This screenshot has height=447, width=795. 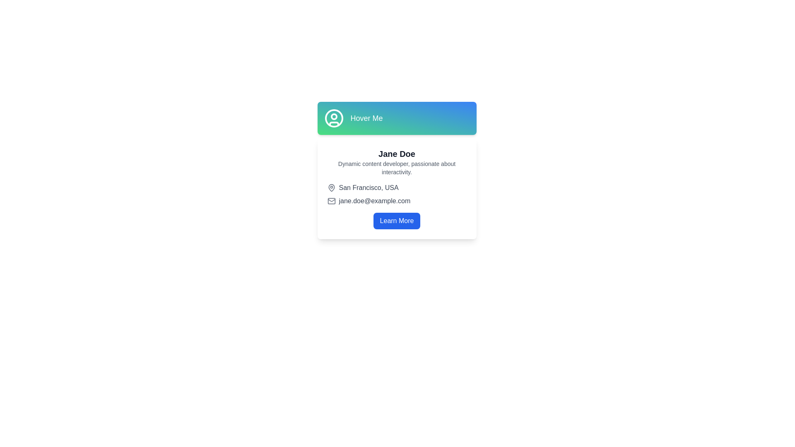 What do you see at coordinates (334, 118) in the screenshot?
I see `the larger outer circle of the user profile avatar icon located above the text 'Hover Me' in the header bar` at bounding box center [334, 118].